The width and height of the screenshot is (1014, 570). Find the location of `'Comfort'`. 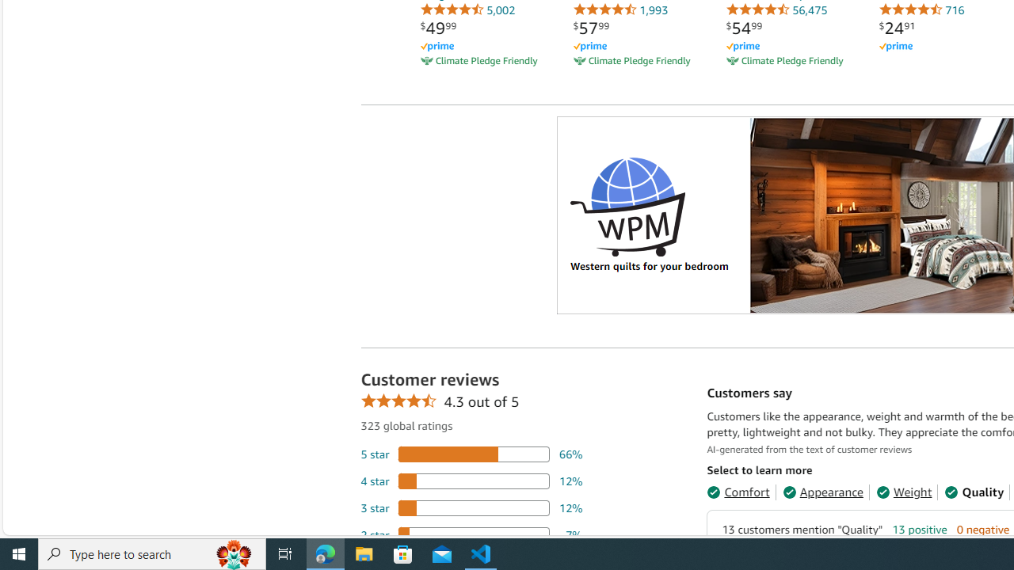

'Comfort' is located at coordinates (737, 491).